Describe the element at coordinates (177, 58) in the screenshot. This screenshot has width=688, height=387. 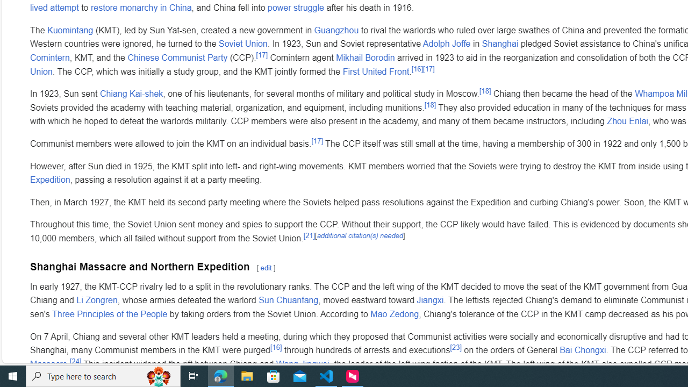
I see `'Chinese Communist Party'` at that location.